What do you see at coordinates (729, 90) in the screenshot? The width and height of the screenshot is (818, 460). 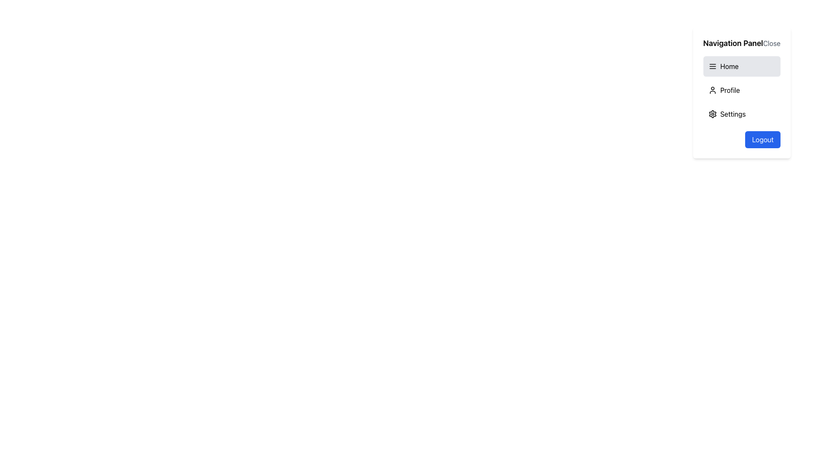 I see `the static text label displaying 'Profile' in black font located in the navigation panel near the upper right quadrant of the interface` at bounding box center [729, 90].